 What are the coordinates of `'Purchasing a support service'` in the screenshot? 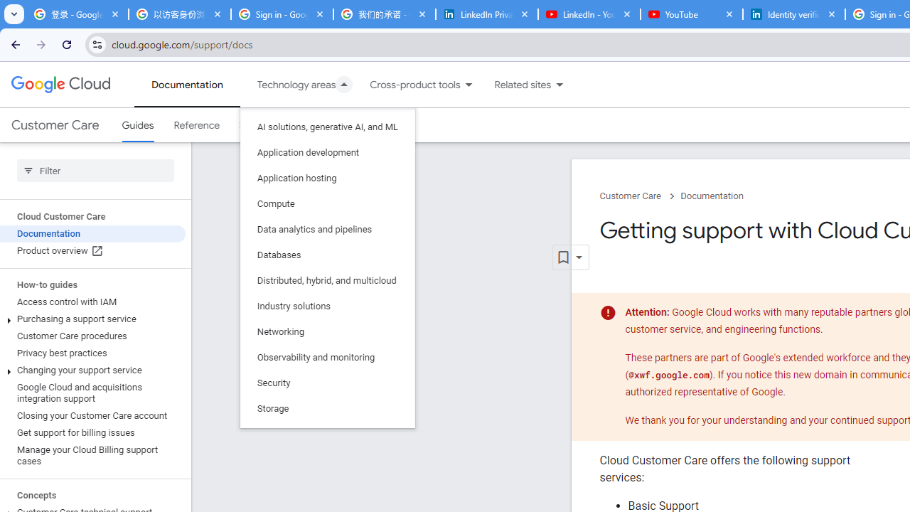 It's located at (92, 318).